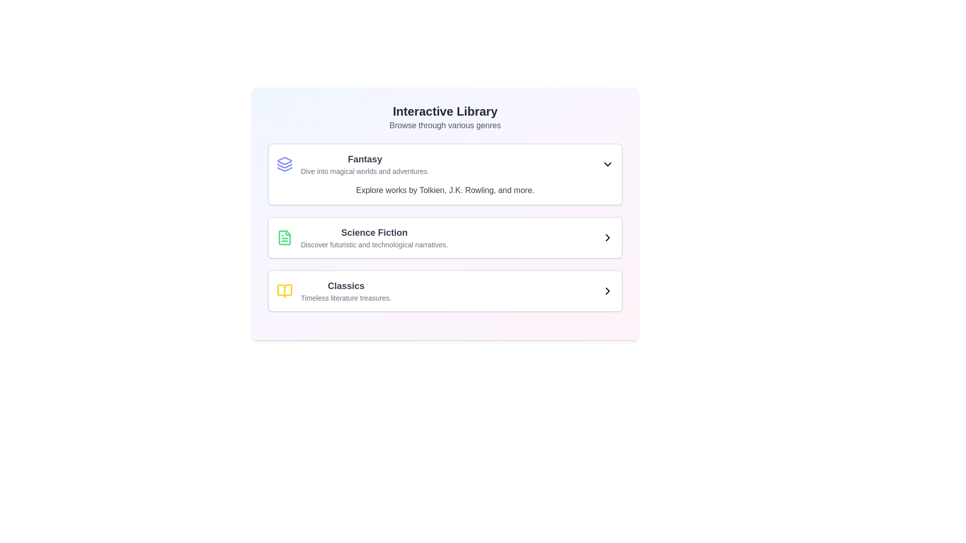 This screenshot has width=966, height=543. Describe the element at coordinates (284, 164) in the screenshot. I see `the blue layered rectangles icon located in the 'Fantasy' section, next to the text 'Fantasy Dive into magical worlds and adventures.'` at that location.